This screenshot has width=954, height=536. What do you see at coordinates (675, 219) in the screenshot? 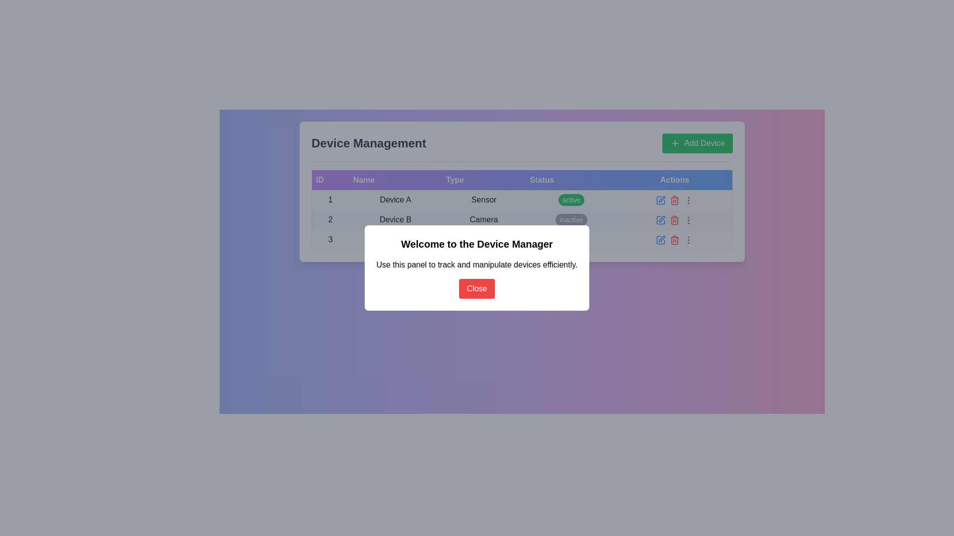
I see `the icon-based button in the Actions column of the second row` at bounding box center [675, 219].